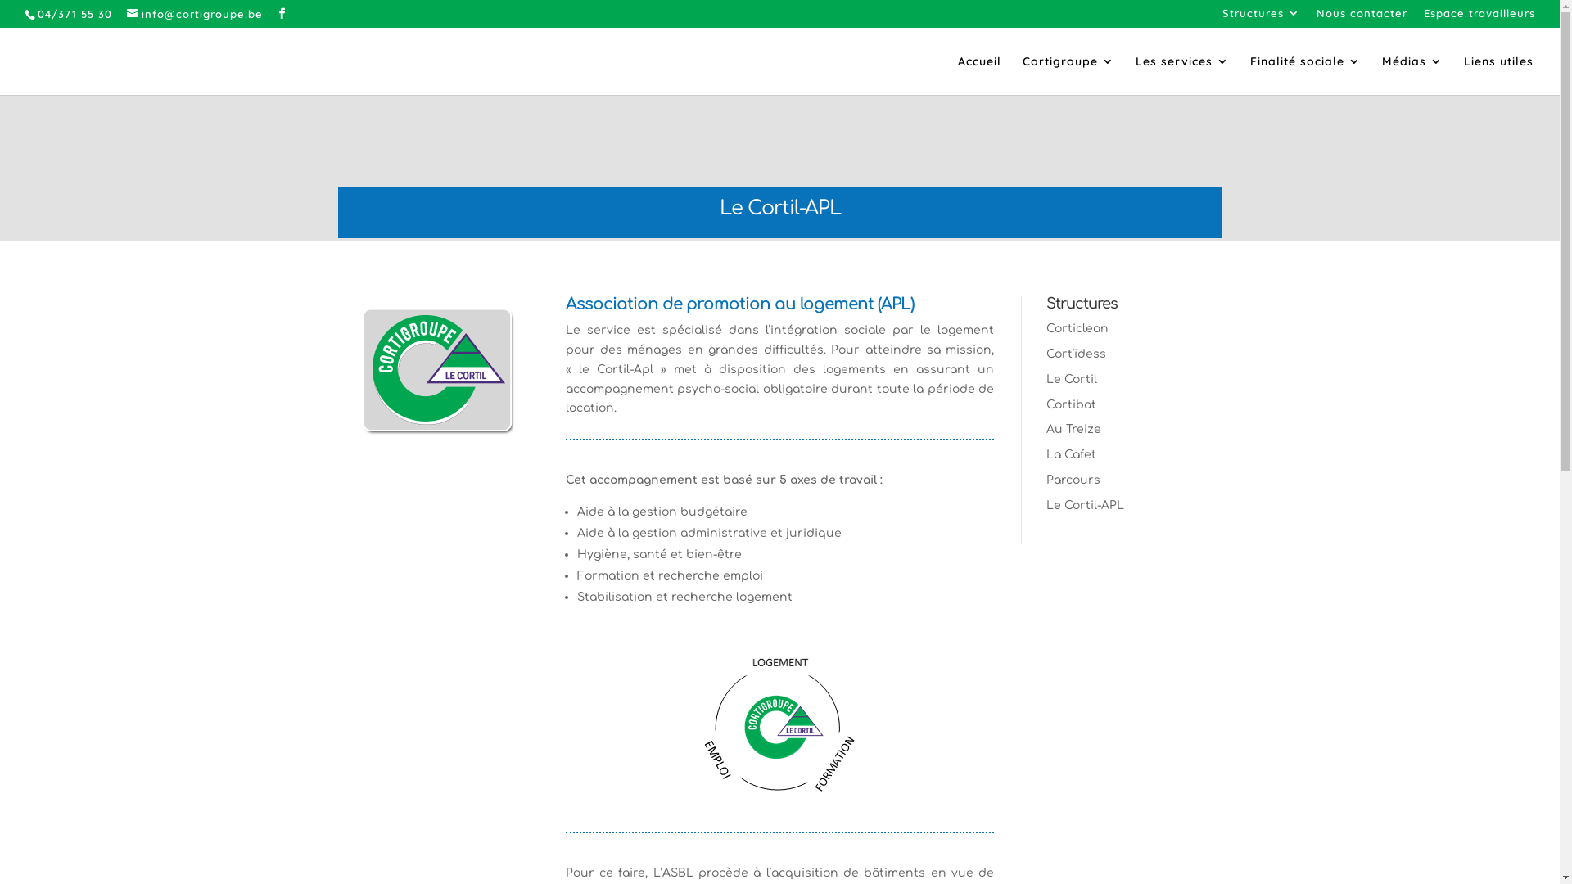  Describe the element at coordinates (1021, 75) in the screenshot. I see `'Cortigroupe'` at that location.